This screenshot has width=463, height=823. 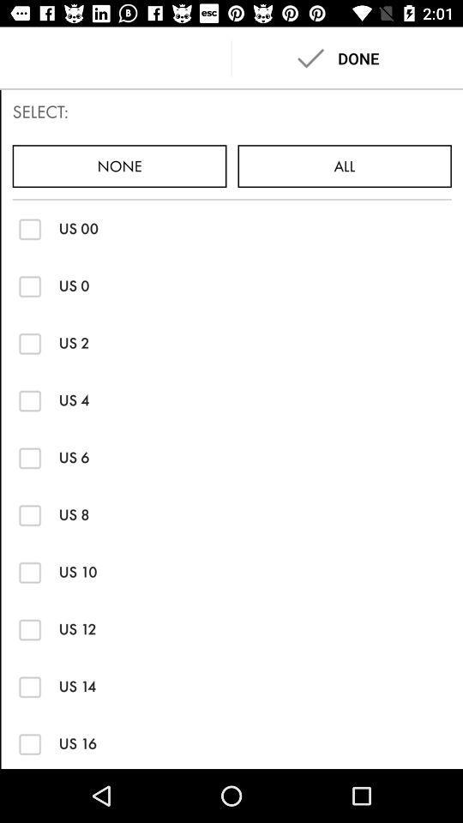 I want to click on list option, so click(x=30, y=742).